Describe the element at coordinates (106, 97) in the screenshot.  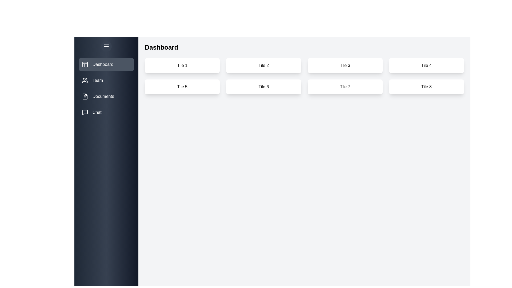
I see `the tab labeled Documents from the sidebar` at that location.